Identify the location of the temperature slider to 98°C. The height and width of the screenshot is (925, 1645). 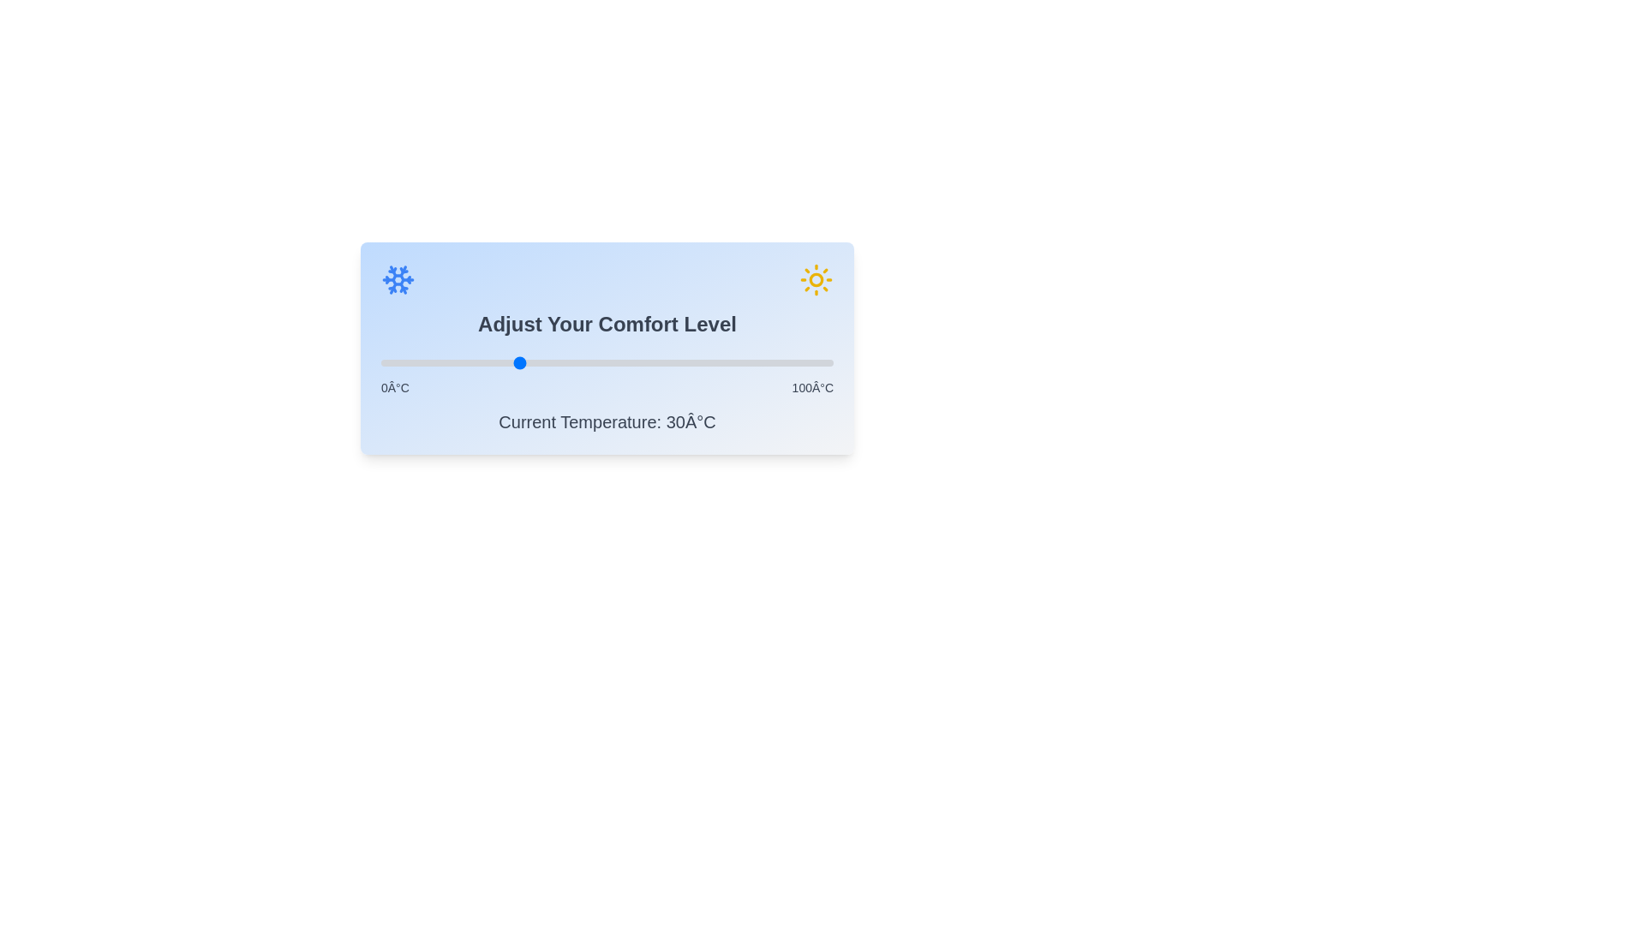
(824, 362).